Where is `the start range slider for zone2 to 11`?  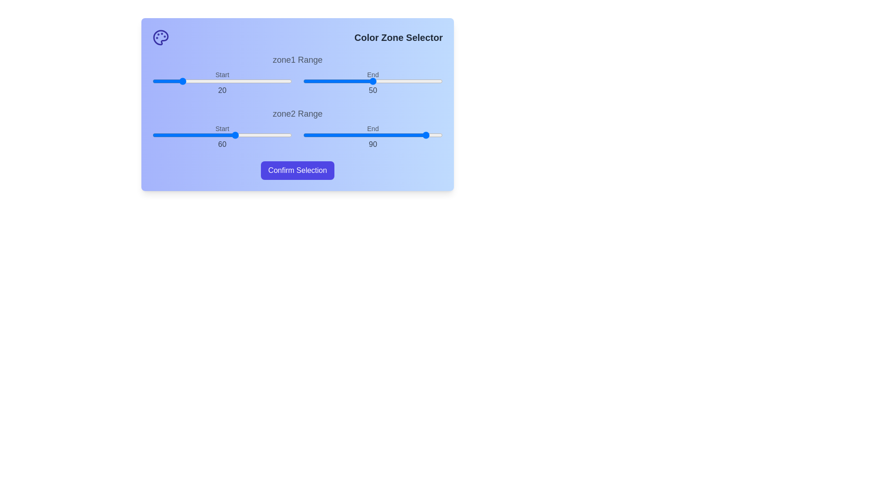
the start range slider for zone2 to 11 is located at coordinates (167, 135).